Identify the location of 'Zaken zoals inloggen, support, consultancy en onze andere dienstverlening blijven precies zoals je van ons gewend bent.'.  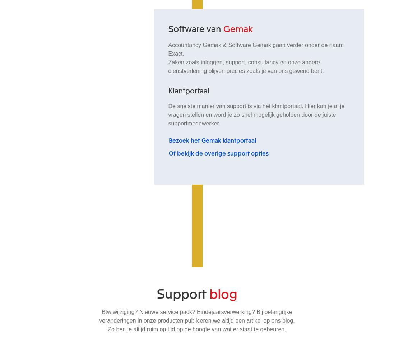
(245, 66).